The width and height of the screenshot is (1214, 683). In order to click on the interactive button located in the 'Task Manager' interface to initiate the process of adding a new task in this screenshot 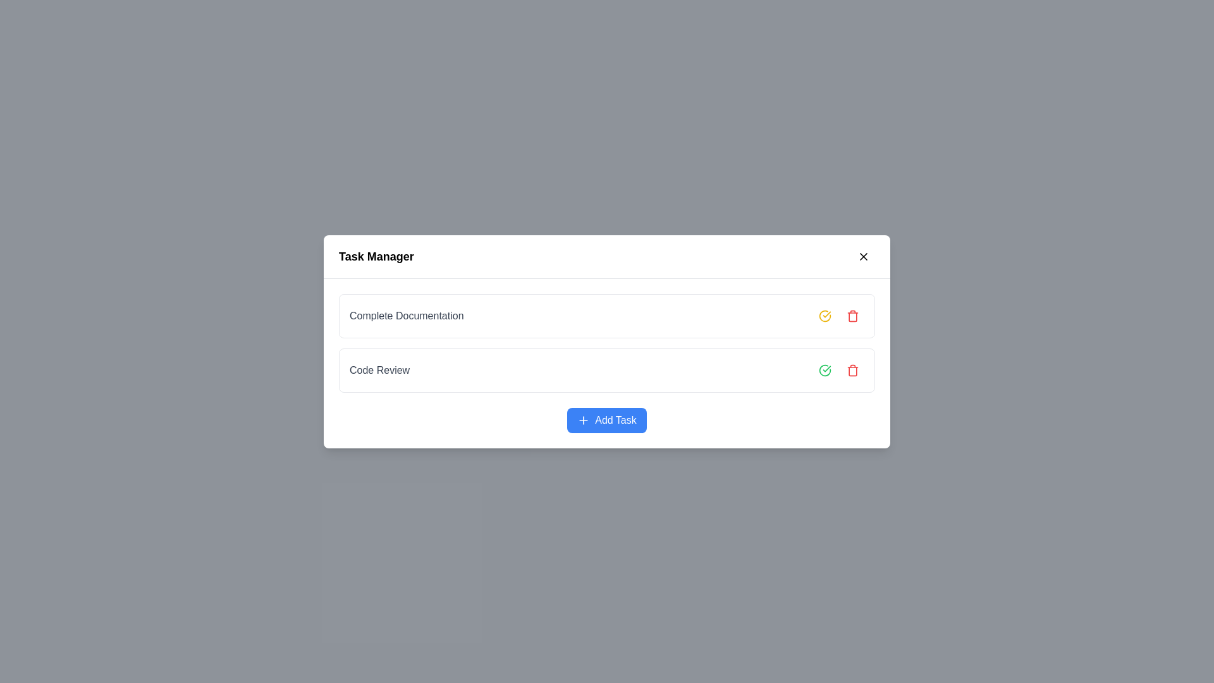, I will do `click(607, 419)`.